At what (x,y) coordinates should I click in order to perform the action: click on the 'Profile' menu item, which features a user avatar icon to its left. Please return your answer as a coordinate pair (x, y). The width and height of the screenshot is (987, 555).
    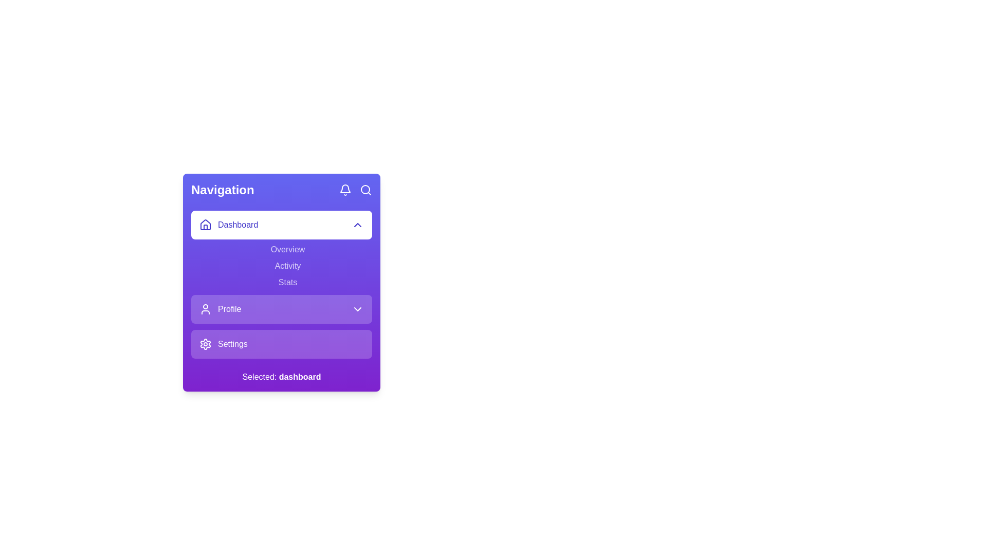
    Looking at the image, I should click on (220, 308).